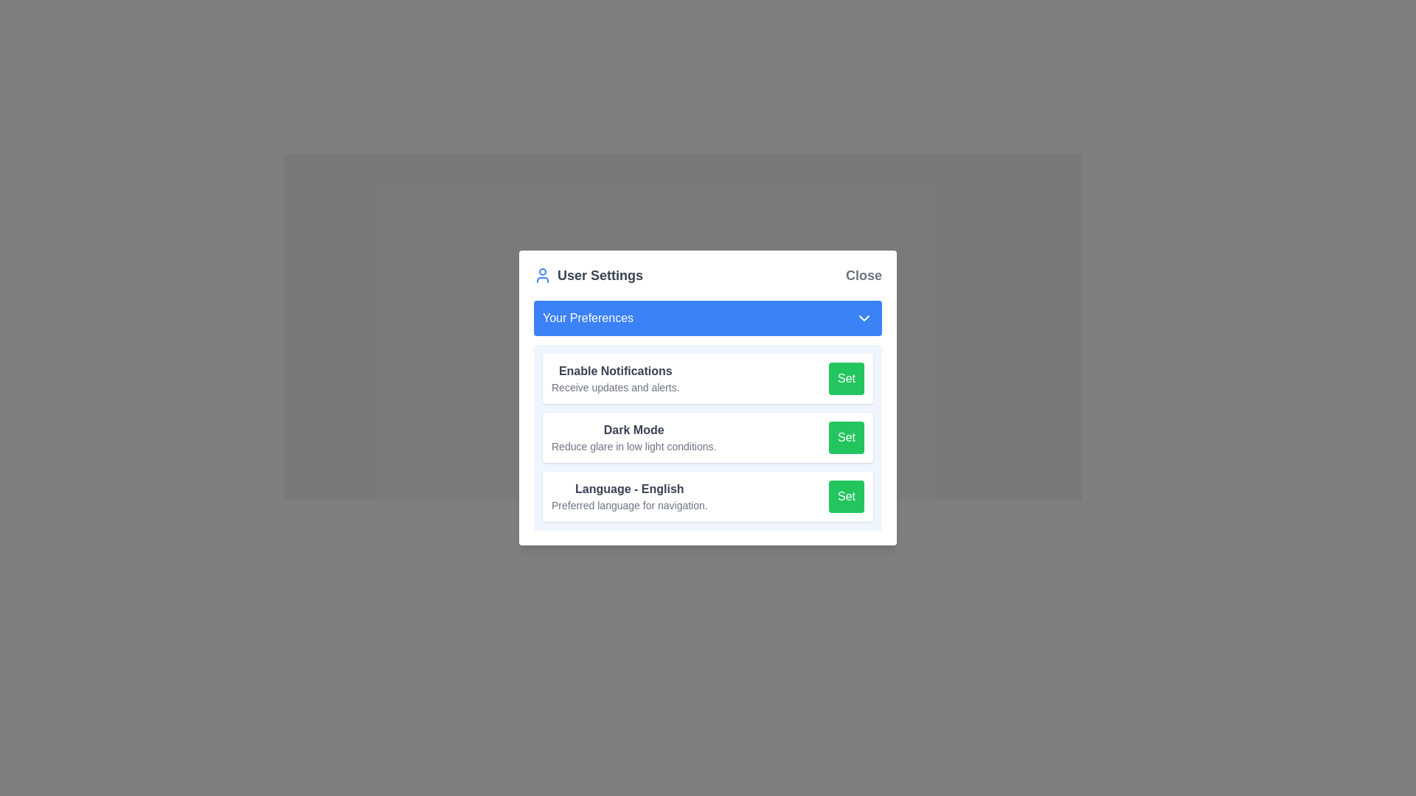  I want to click on the 'Dark Mode' text label located in the 'Your Preferences' section, positioned between 'Enable Notifications' and 'Language - English', so click(634, 437).